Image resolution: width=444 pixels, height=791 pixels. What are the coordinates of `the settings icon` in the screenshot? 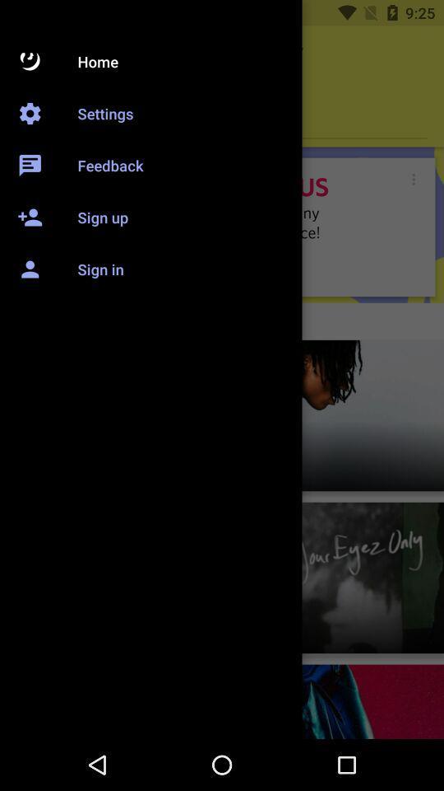 It's located at (30, 115).